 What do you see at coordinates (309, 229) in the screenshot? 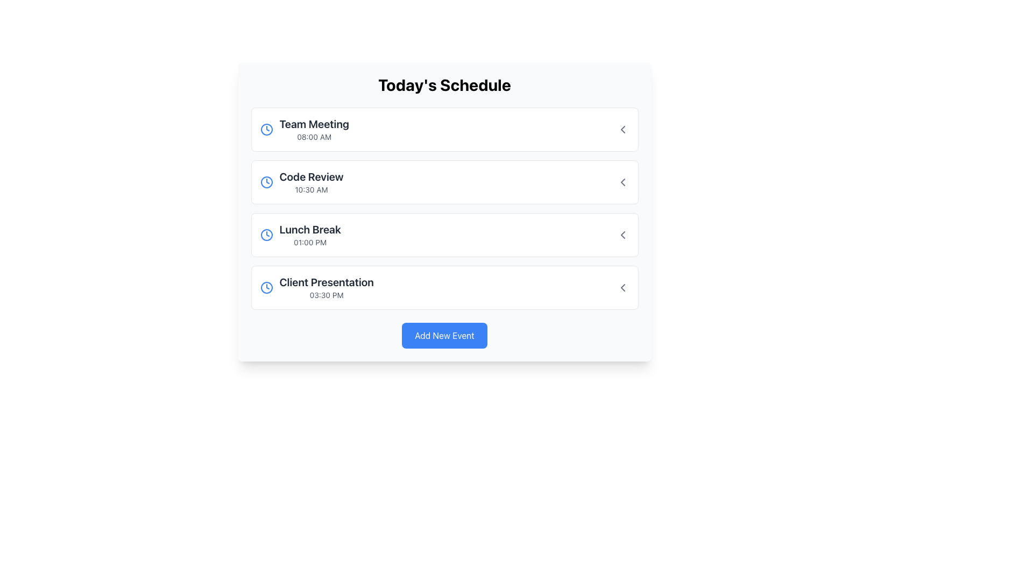
I see `text label indicating the title of the event located in the third row of the event list, aligned to the left above the time '01:00 PM'` at bounding box center [309, 229].